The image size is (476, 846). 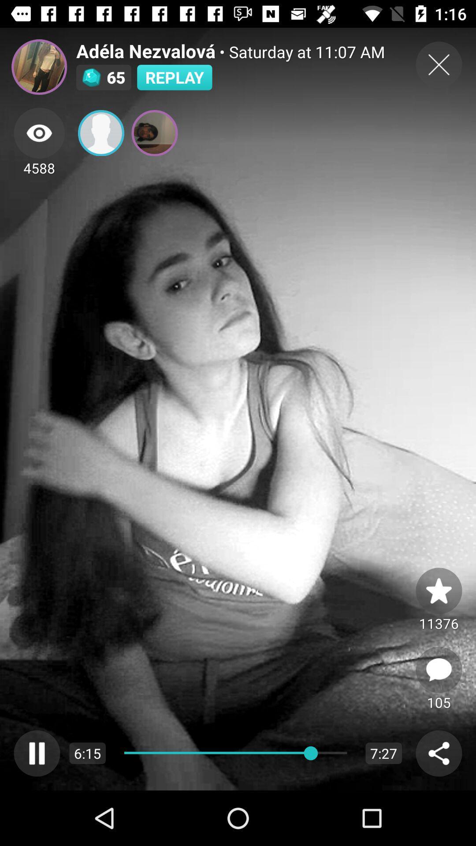 What do you see at coordinates (439, 670) in the screenshot?
I see `open comments` at bounding box center [439, 670].